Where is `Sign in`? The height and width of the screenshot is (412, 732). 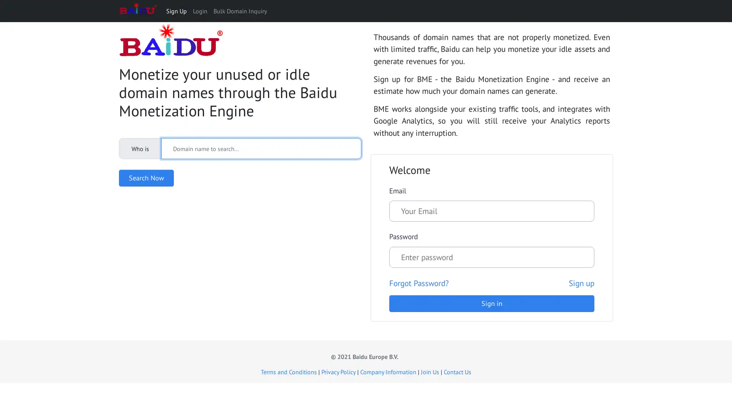
Sign in is located at coordinates (492, 303).